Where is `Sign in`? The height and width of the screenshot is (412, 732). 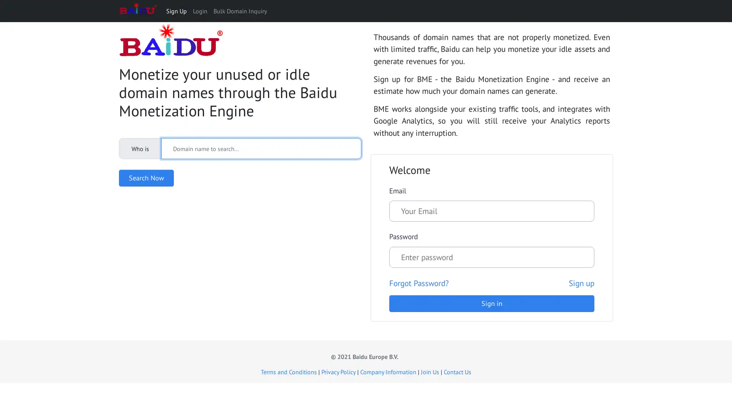
Sign in is located at coordinates (492, 303).